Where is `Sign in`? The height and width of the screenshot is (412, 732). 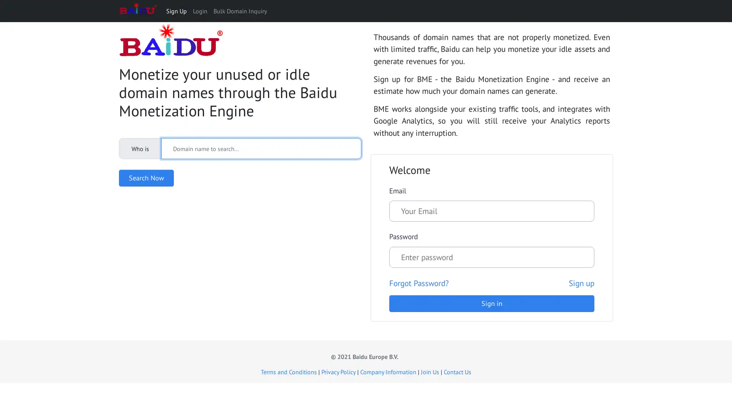
Sign in is located at coordinates (492, 303).